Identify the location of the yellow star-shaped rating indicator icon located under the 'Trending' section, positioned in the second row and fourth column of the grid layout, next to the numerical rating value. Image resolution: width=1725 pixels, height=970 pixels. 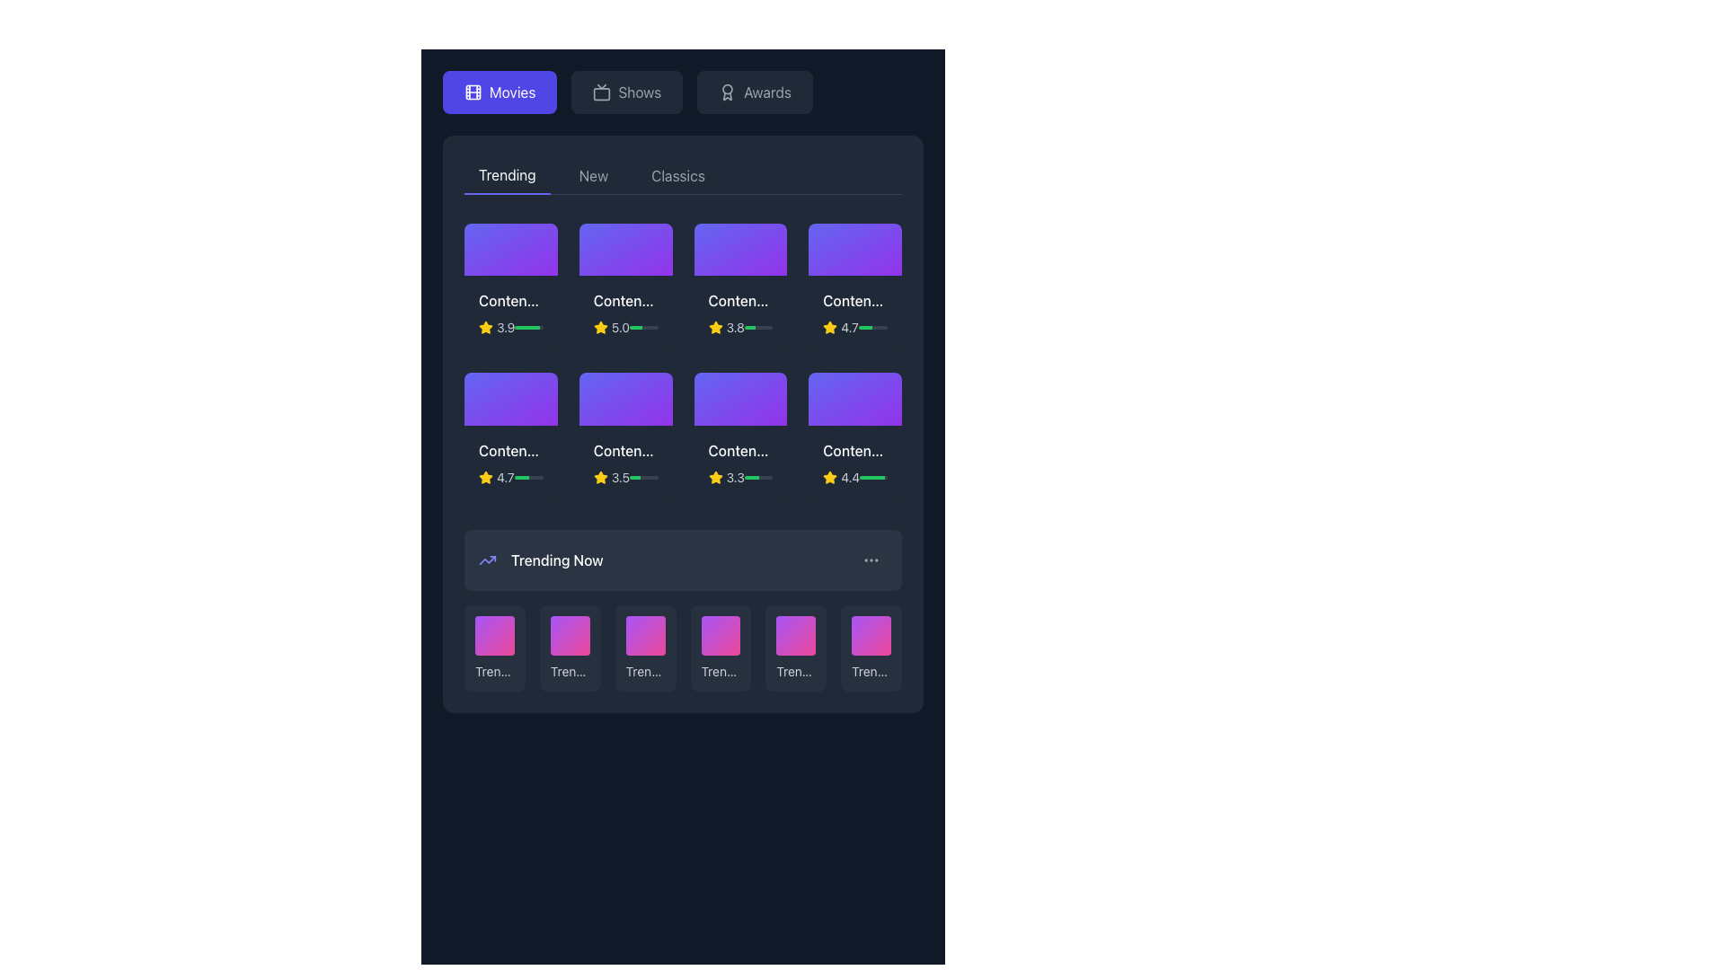
(829, 328).